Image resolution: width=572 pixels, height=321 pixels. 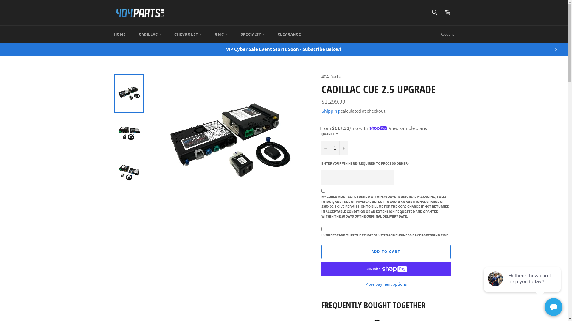 What do you see at coordinates (386, 252) in the screenshot?
I see `'ADD TO CART'` at bounding box center [386, 252].